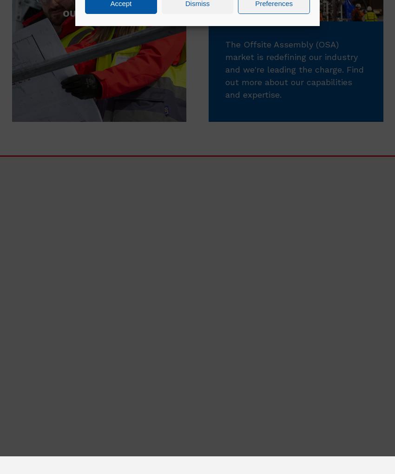 The width and height of the screenshot is (395, 474). Describe the element at coordinates (290, 304) in the screenshot. I see `'Achieve The Incredible with Mercury'` at that location.